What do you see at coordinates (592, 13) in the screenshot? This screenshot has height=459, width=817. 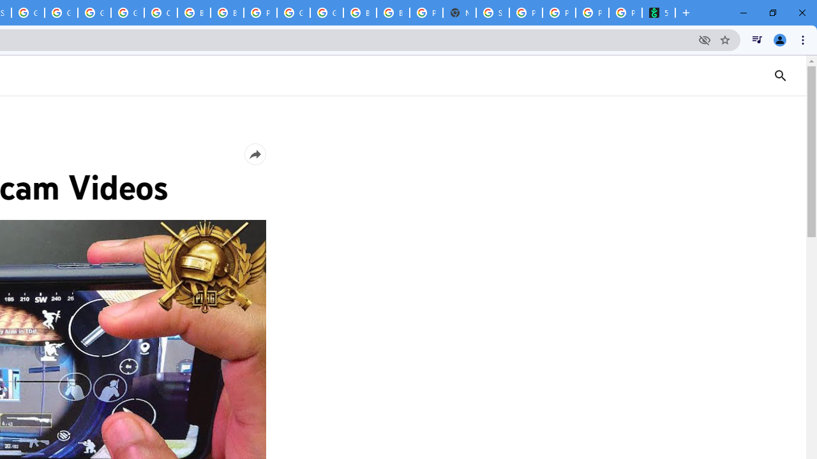 I see `'Privacy Checkup'` at bounding box center [592, 13].